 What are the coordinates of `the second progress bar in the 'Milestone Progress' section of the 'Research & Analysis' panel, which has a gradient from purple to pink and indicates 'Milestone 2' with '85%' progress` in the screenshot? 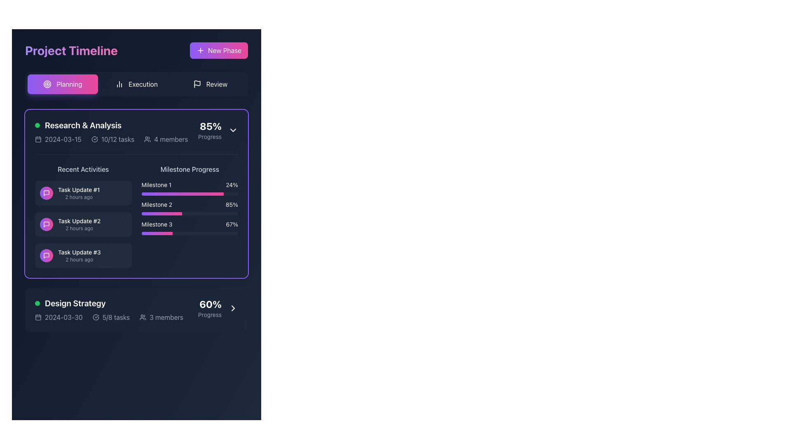 It's located at (189, 194).